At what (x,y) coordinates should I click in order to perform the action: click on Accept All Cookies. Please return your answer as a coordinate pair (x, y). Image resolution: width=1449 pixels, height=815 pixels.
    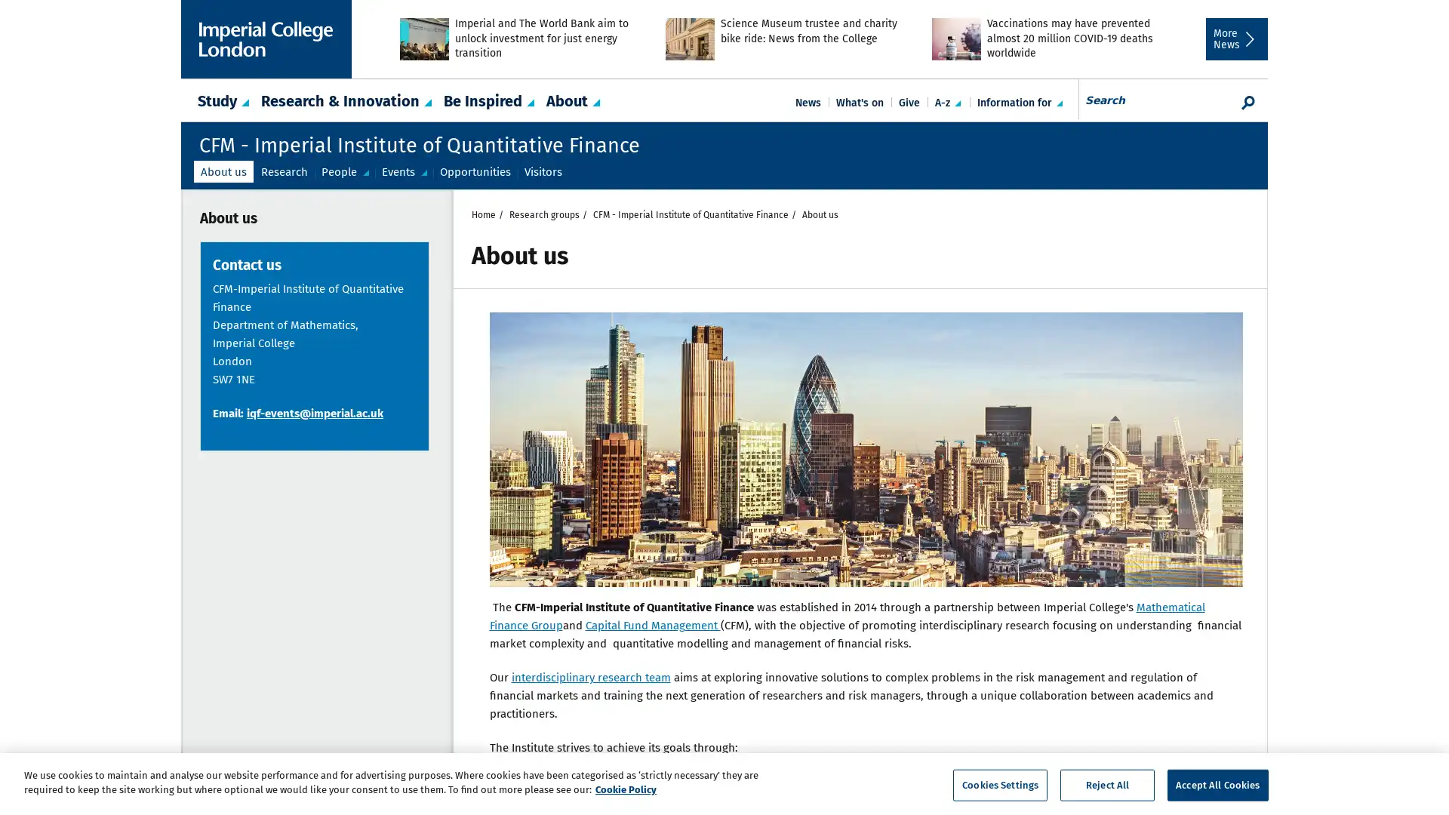
    Looking at the image, I should click on (1217, 784).